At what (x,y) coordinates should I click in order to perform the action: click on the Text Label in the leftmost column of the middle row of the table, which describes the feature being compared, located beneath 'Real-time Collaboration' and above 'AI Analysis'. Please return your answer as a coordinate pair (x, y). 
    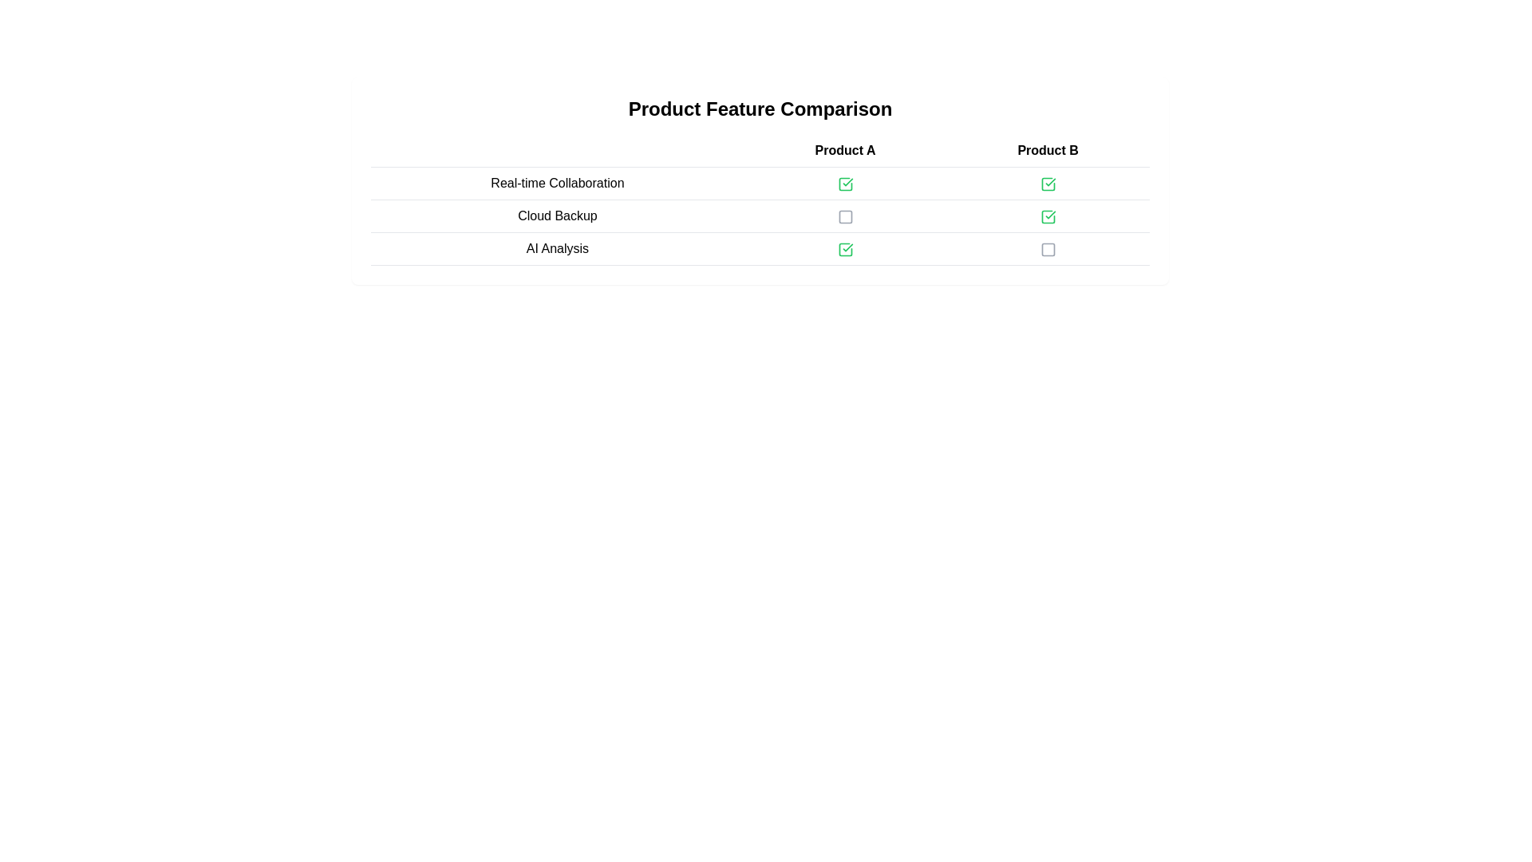
    Looking at the image, I should click on (557, 215).